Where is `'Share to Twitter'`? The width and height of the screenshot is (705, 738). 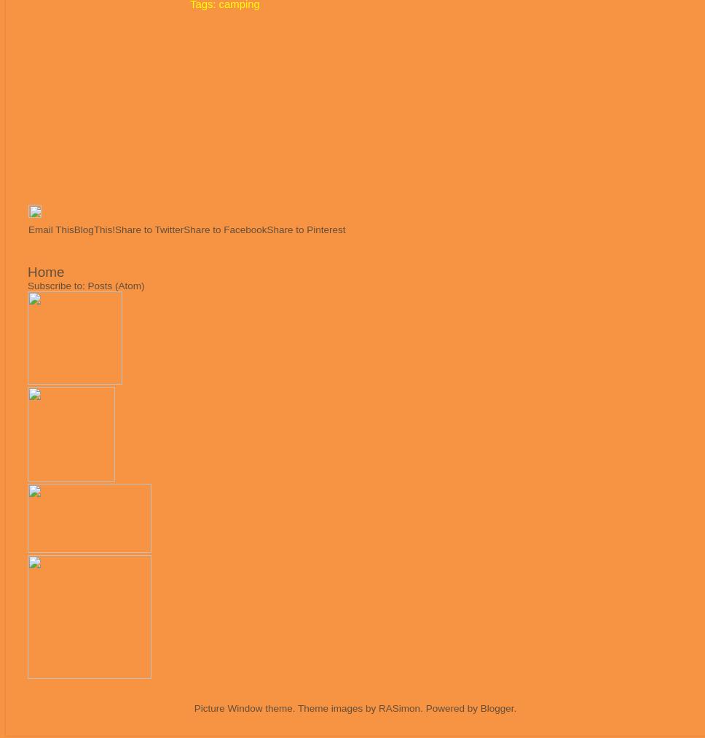
'Share to Twitter' is located at coordinates (149, 229).